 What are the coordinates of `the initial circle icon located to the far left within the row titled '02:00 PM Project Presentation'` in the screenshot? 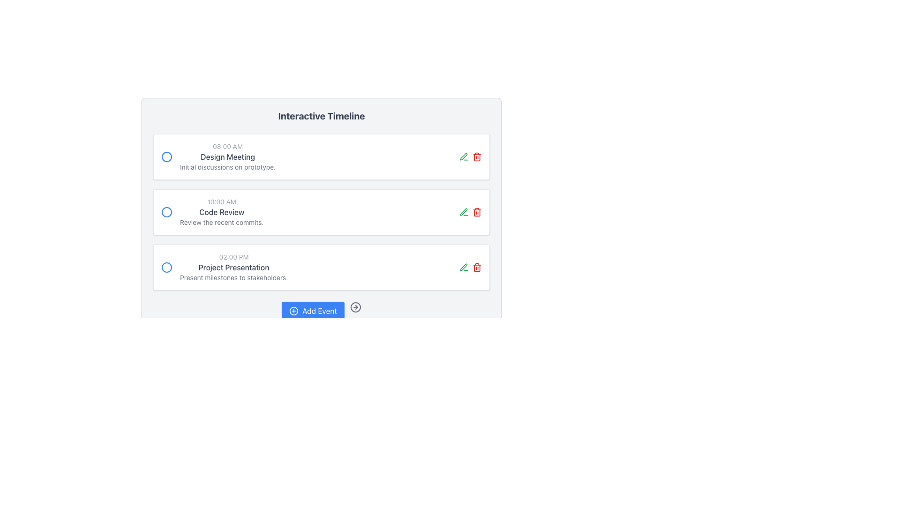 It's located at (166, 267).